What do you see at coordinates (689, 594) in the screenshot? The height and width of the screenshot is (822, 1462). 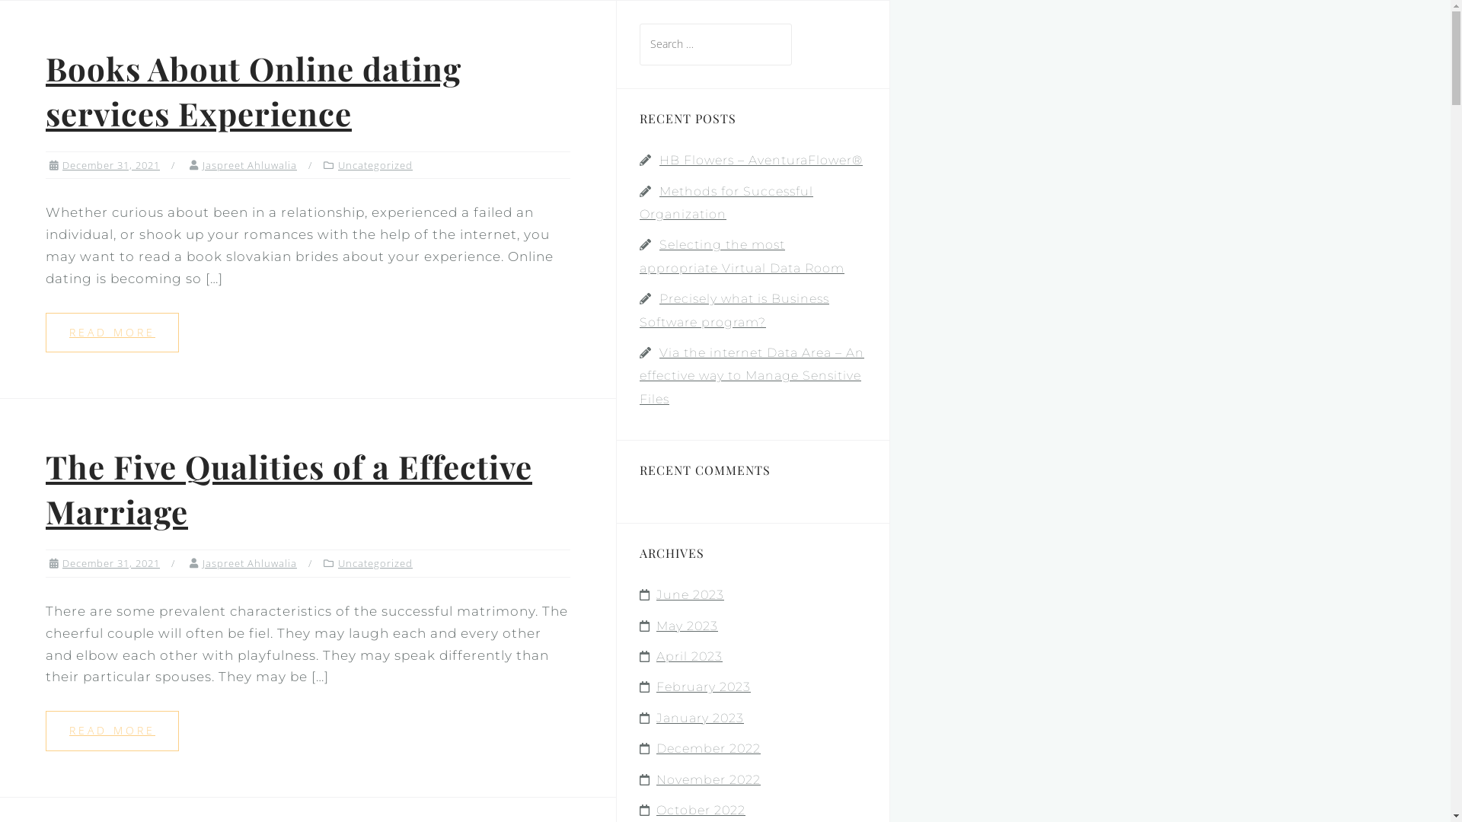 I see `'June 2023'` at bounding box center [689, 594].